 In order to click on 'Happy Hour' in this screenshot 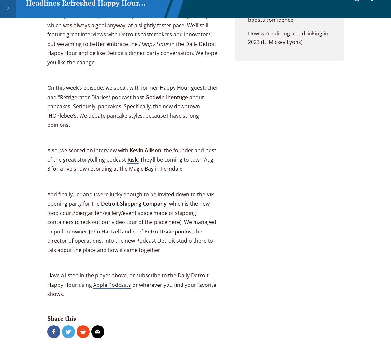, I will do `click(139, 43)`.